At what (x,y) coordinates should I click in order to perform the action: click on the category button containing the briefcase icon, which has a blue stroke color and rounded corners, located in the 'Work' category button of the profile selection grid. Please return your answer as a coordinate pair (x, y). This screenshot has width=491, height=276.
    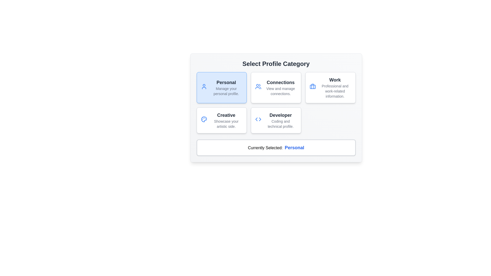
    Looking at the image, I should click on (312, 86).